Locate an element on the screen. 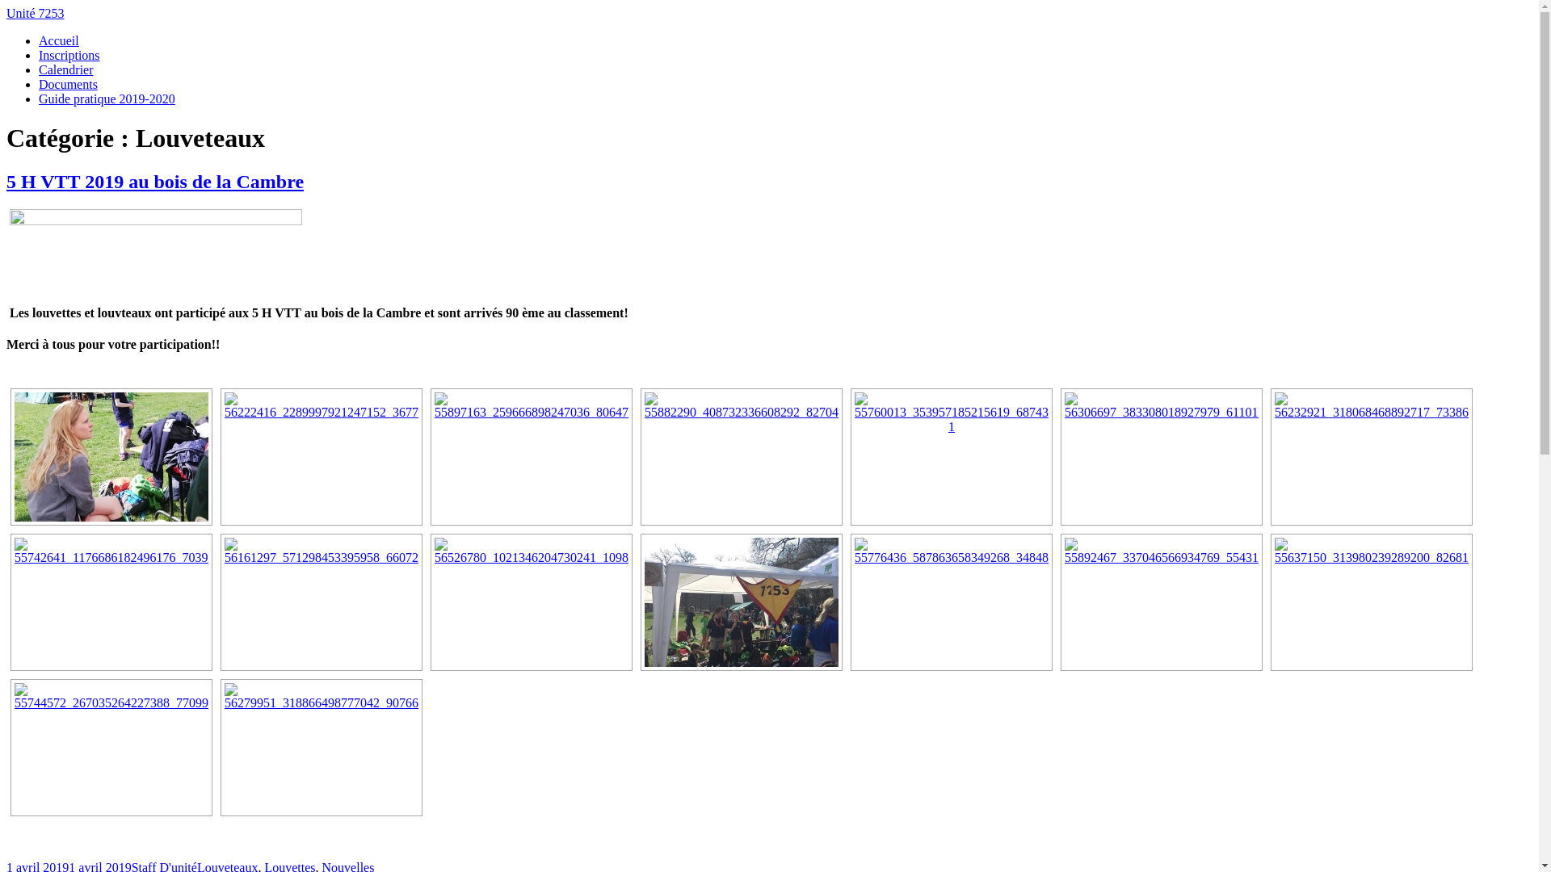  'Skip to content' is located at coordinates (6, 6).